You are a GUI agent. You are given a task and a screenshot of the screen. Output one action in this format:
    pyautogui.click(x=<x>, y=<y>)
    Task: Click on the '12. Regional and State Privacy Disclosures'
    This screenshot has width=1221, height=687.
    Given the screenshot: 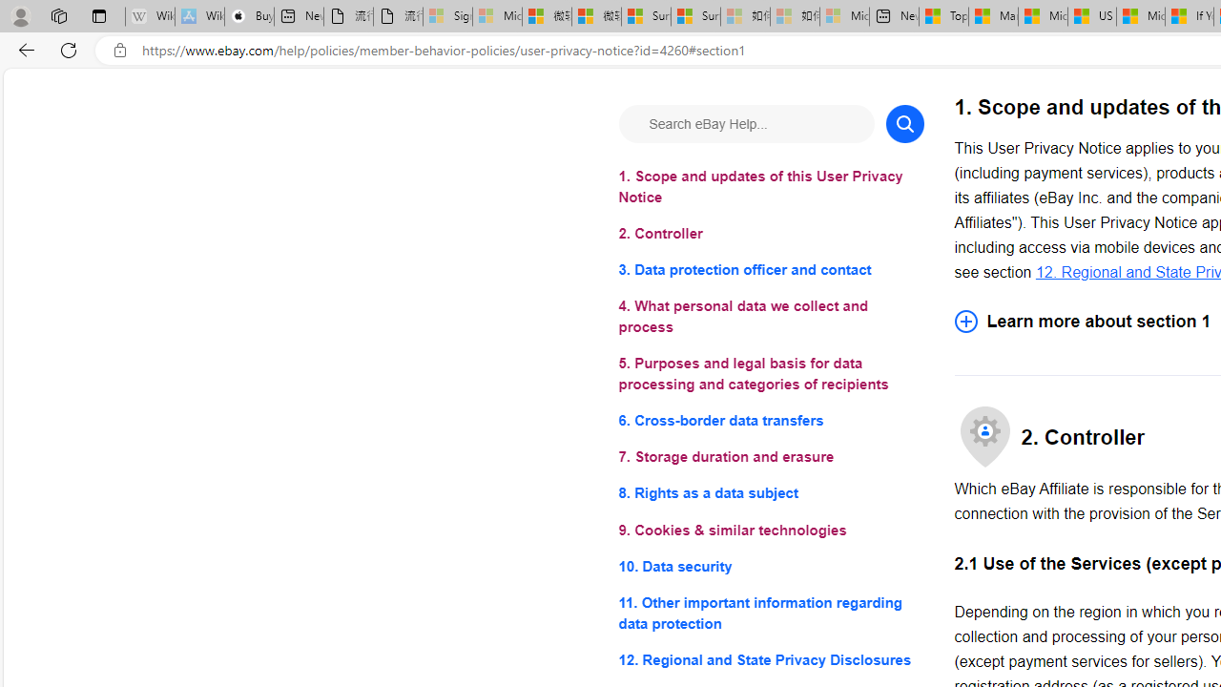 What is the action you would take?
    pyautogui.click(x=771, y=658)
    